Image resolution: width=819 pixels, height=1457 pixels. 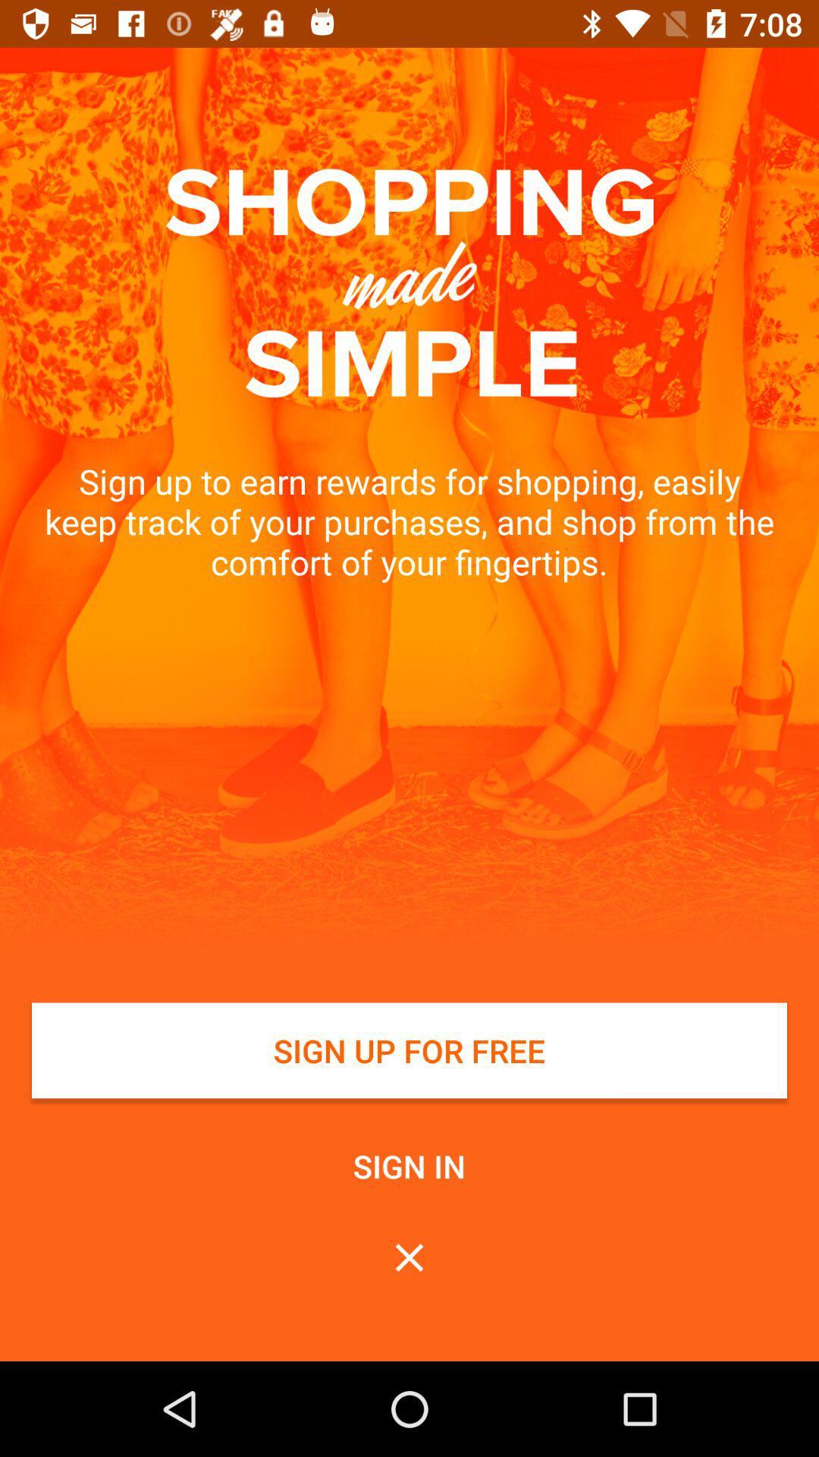 I want to click on button above sign in button, so click(x=408, y=1062).